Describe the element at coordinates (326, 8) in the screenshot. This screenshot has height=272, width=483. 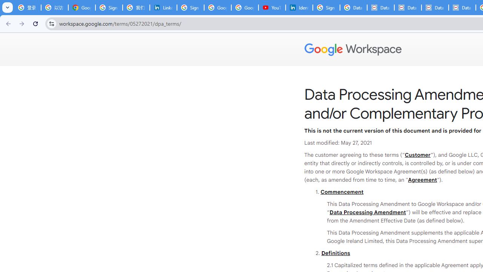
I see `'Sign in - Google Accounts'` at that location.